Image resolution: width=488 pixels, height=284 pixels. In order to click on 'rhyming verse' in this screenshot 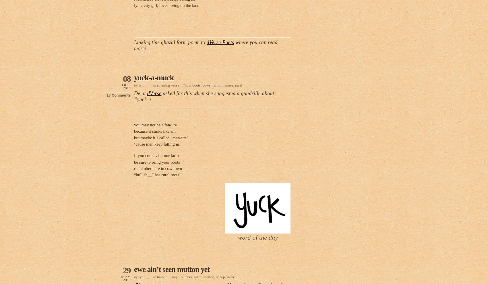, I will do `click(168, 85)`.